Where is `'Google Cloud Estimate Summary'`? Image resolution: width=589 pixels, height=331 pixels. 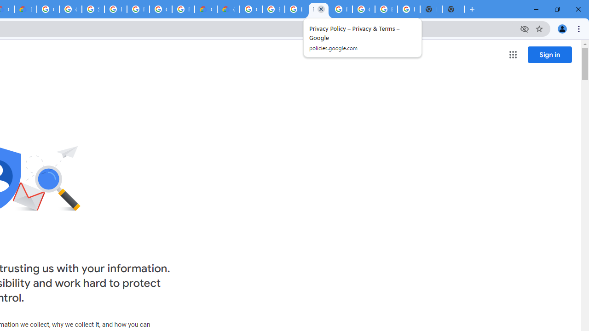
'Google Cloud Estimate Summary' is located at coordinates (228, 9).